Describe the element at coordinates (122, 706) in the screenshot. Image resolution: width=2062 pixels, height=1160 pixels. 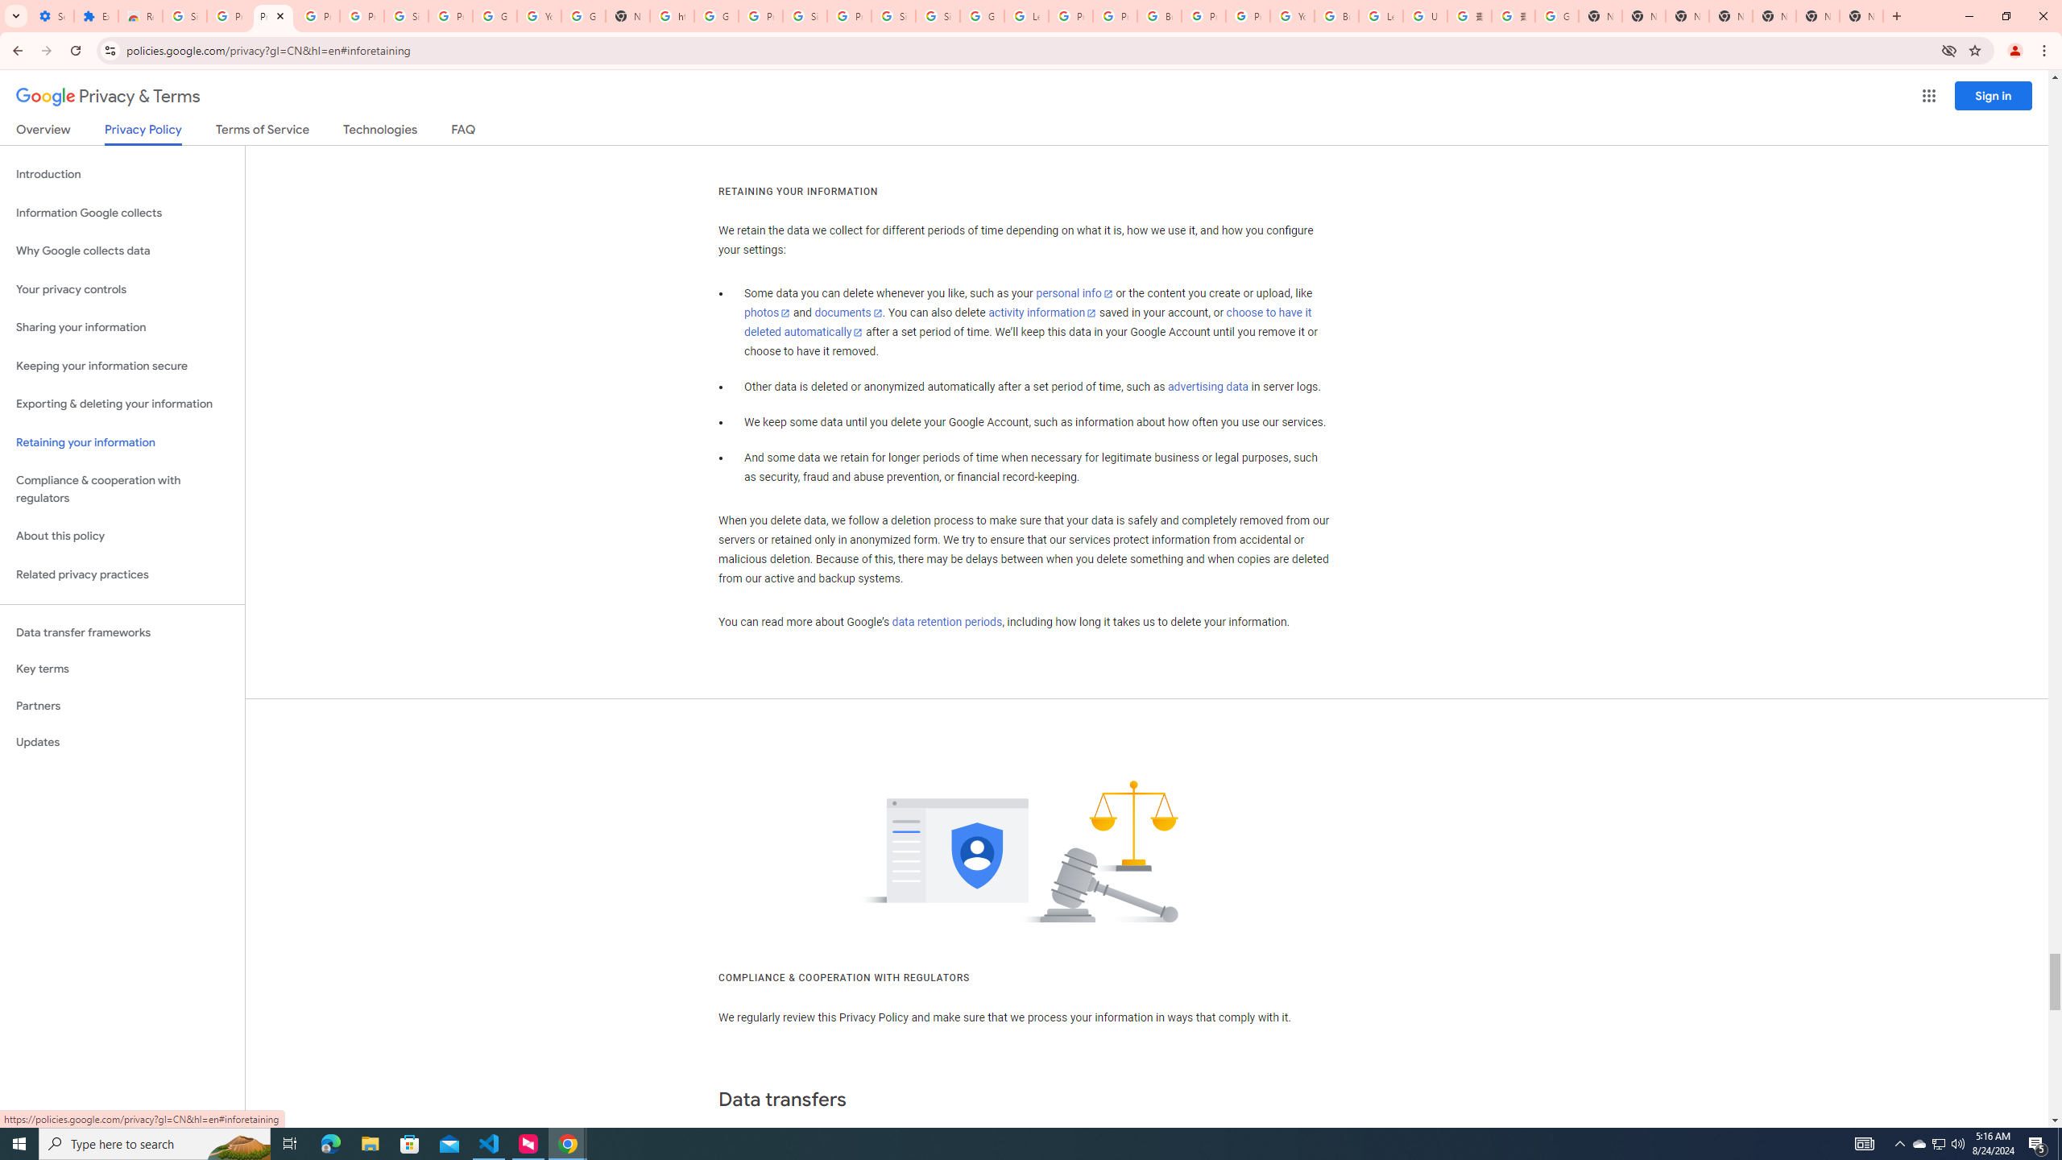
I see `'Partners'` at that location.